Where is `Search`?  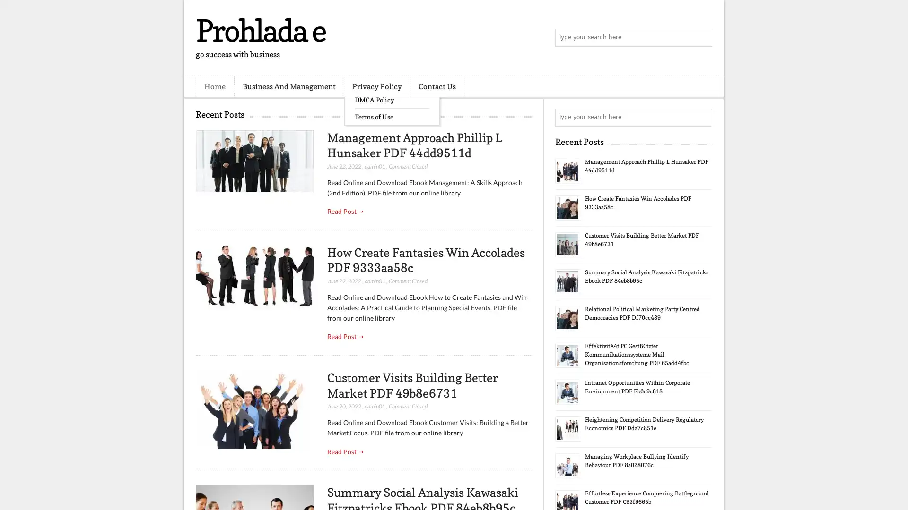
Search is located at coordinates (702, 38).